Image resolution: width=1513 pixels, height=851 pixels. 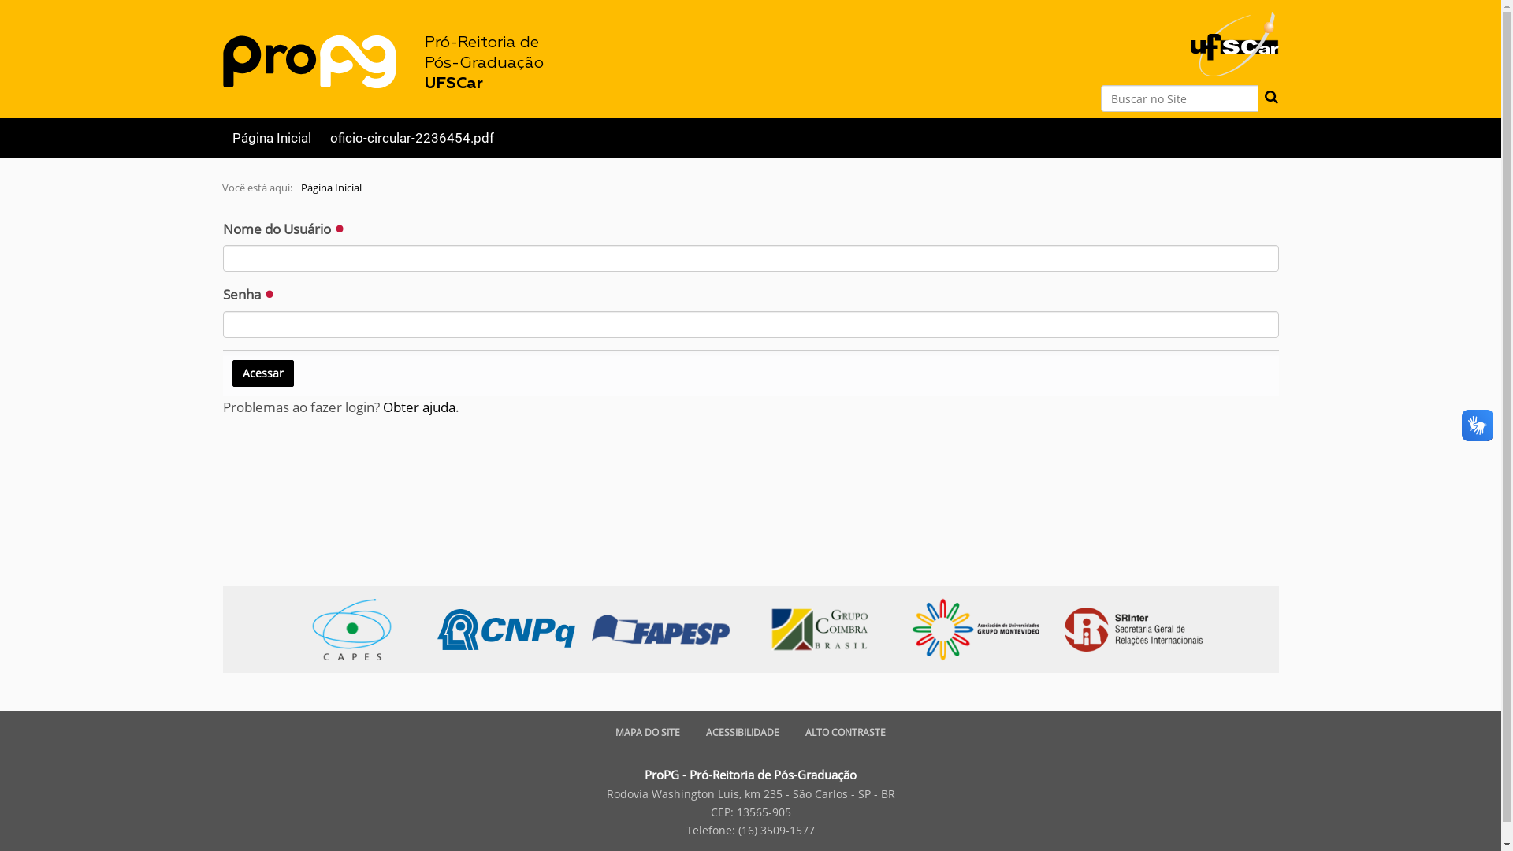 What do you see at coordinates (827, 627) in the screenshot?
I see `'Grupo Coimbra'` at bounding box center [827, 627].